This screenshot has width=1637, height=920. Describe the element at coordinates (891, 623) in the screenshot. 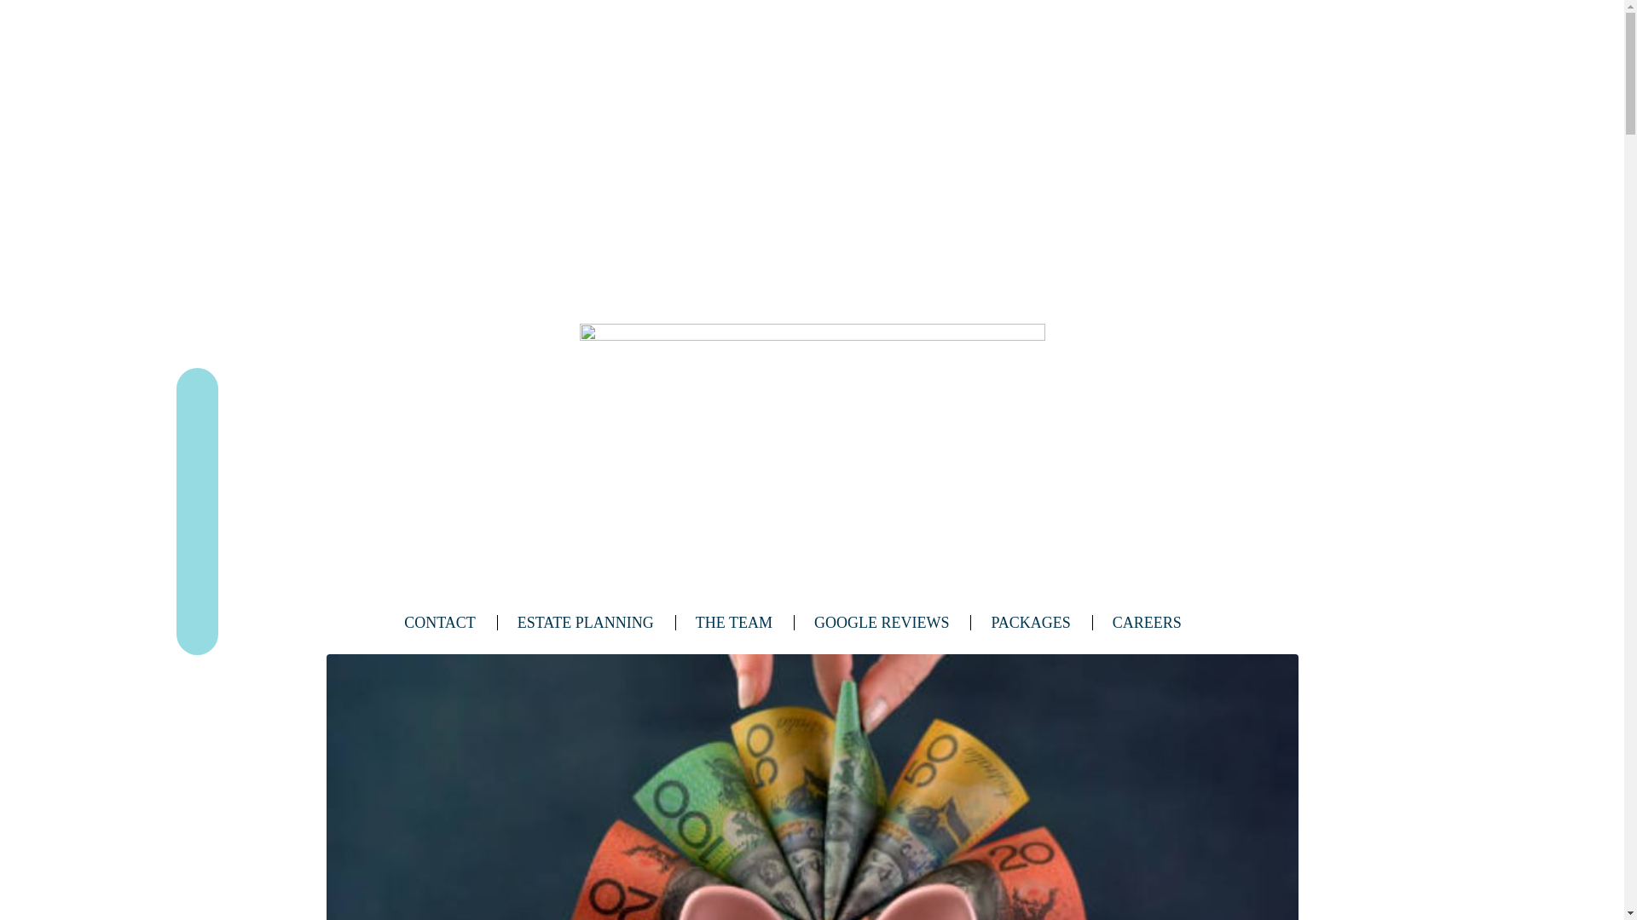

I see `'GOOGLE REVIEWS'` at that location.